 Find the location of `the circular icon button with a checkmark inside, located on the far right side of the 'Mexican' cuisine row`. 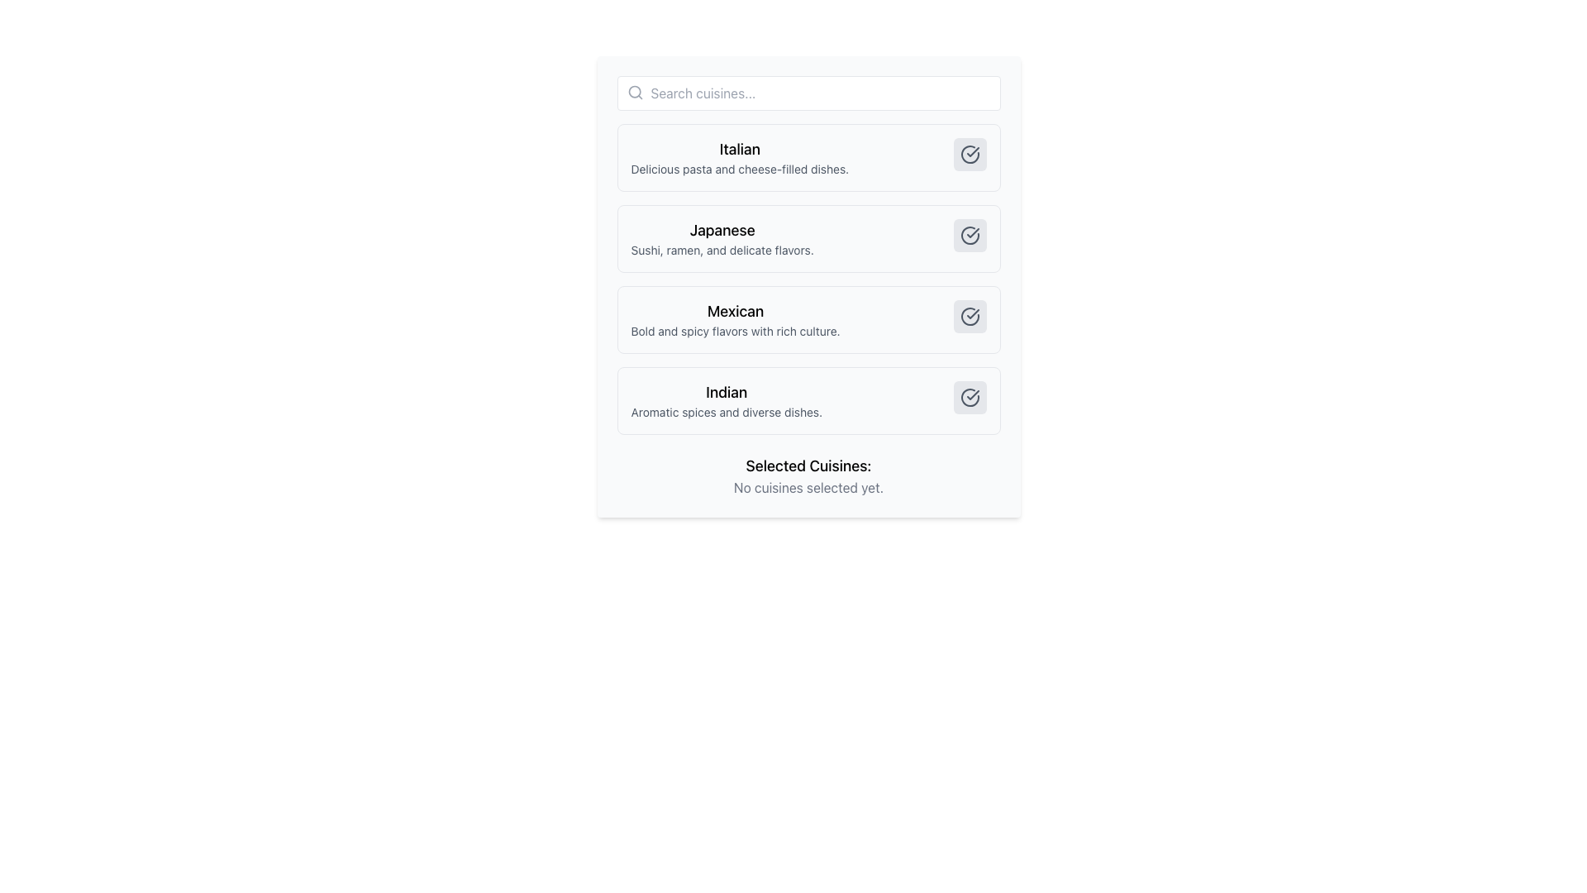

the circular icon button with a checkmark inside, located on the far right side of the 'Mexican' cuisine row is located at coordinates (970, 316).